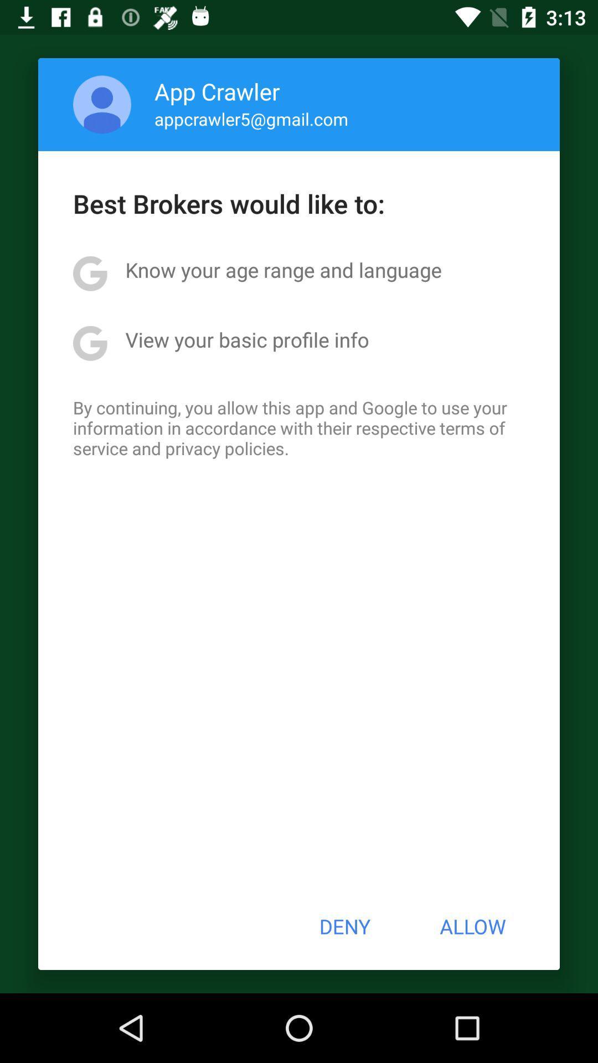 The image size is (598, 1063). What do you see at coordinates (344, 926) in the screenshot?
I see `the deny icon` at bounding box center [344, 926].